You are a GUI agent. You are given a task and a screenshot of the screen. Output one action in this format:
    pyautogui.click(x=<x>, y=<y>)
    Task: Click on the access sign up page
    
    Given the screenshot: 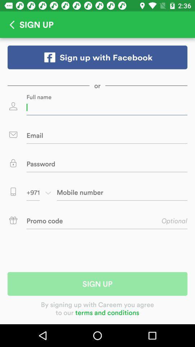 What is the action you would take?
    pyautogui.click(x=97, y=57)
    